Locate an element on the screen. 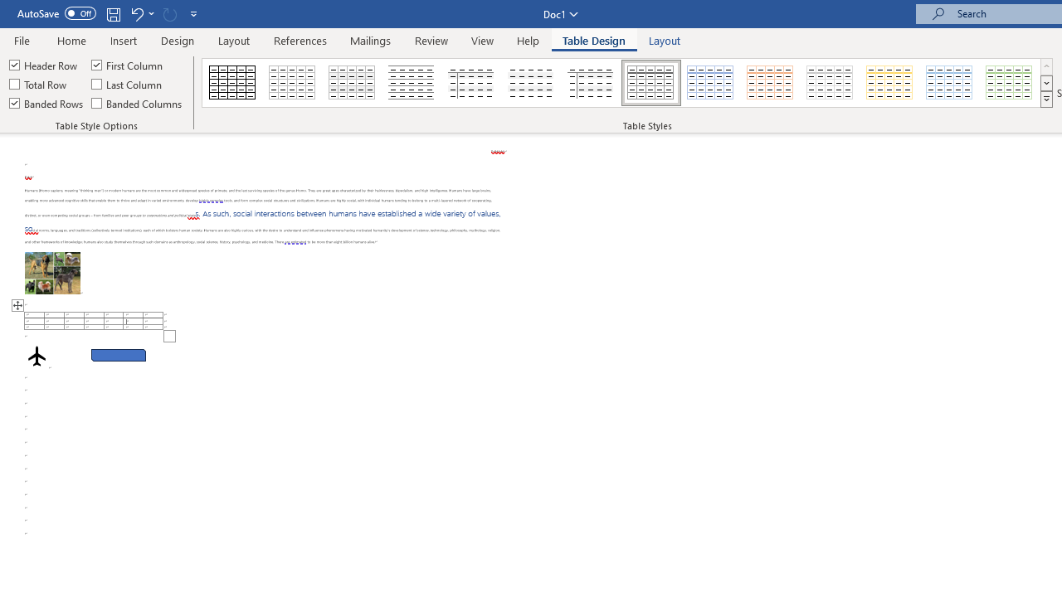 This screenshot has width=1062, height=597. 'Grid Table 1 Light - Accent 4' is located at coordinates (889, 83).